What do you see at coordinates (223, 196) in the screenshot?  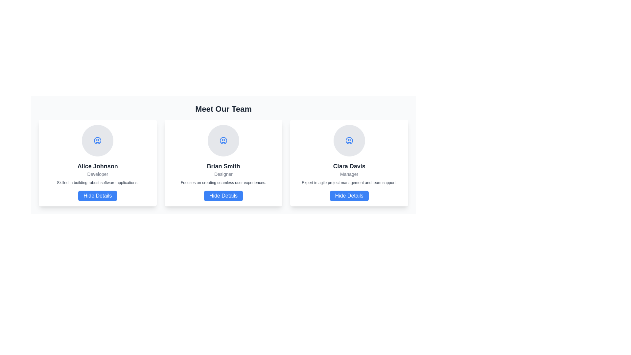 I see `the 'Hide Details' button, a rectangular button with rounded corners, blue background, and white text, located in the lower center of the card for 'Brian Smith'` at bounding box center [223, 196].